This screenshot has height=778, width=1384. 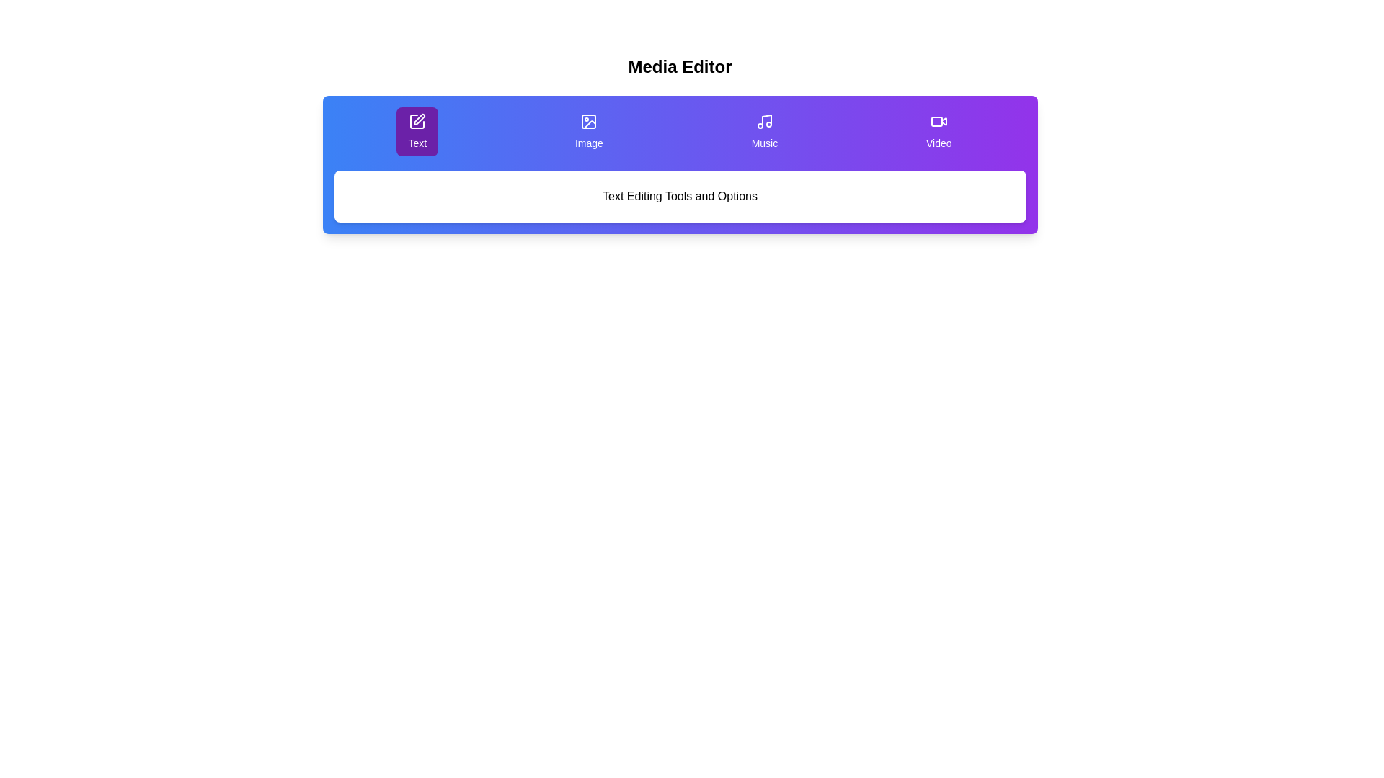 What do you see at coordinates (939, 143) in the screenshot?
I see `text label displaying 'Video' located below the video icon in the horizontal menu bar` at bounding box center [939, 143].